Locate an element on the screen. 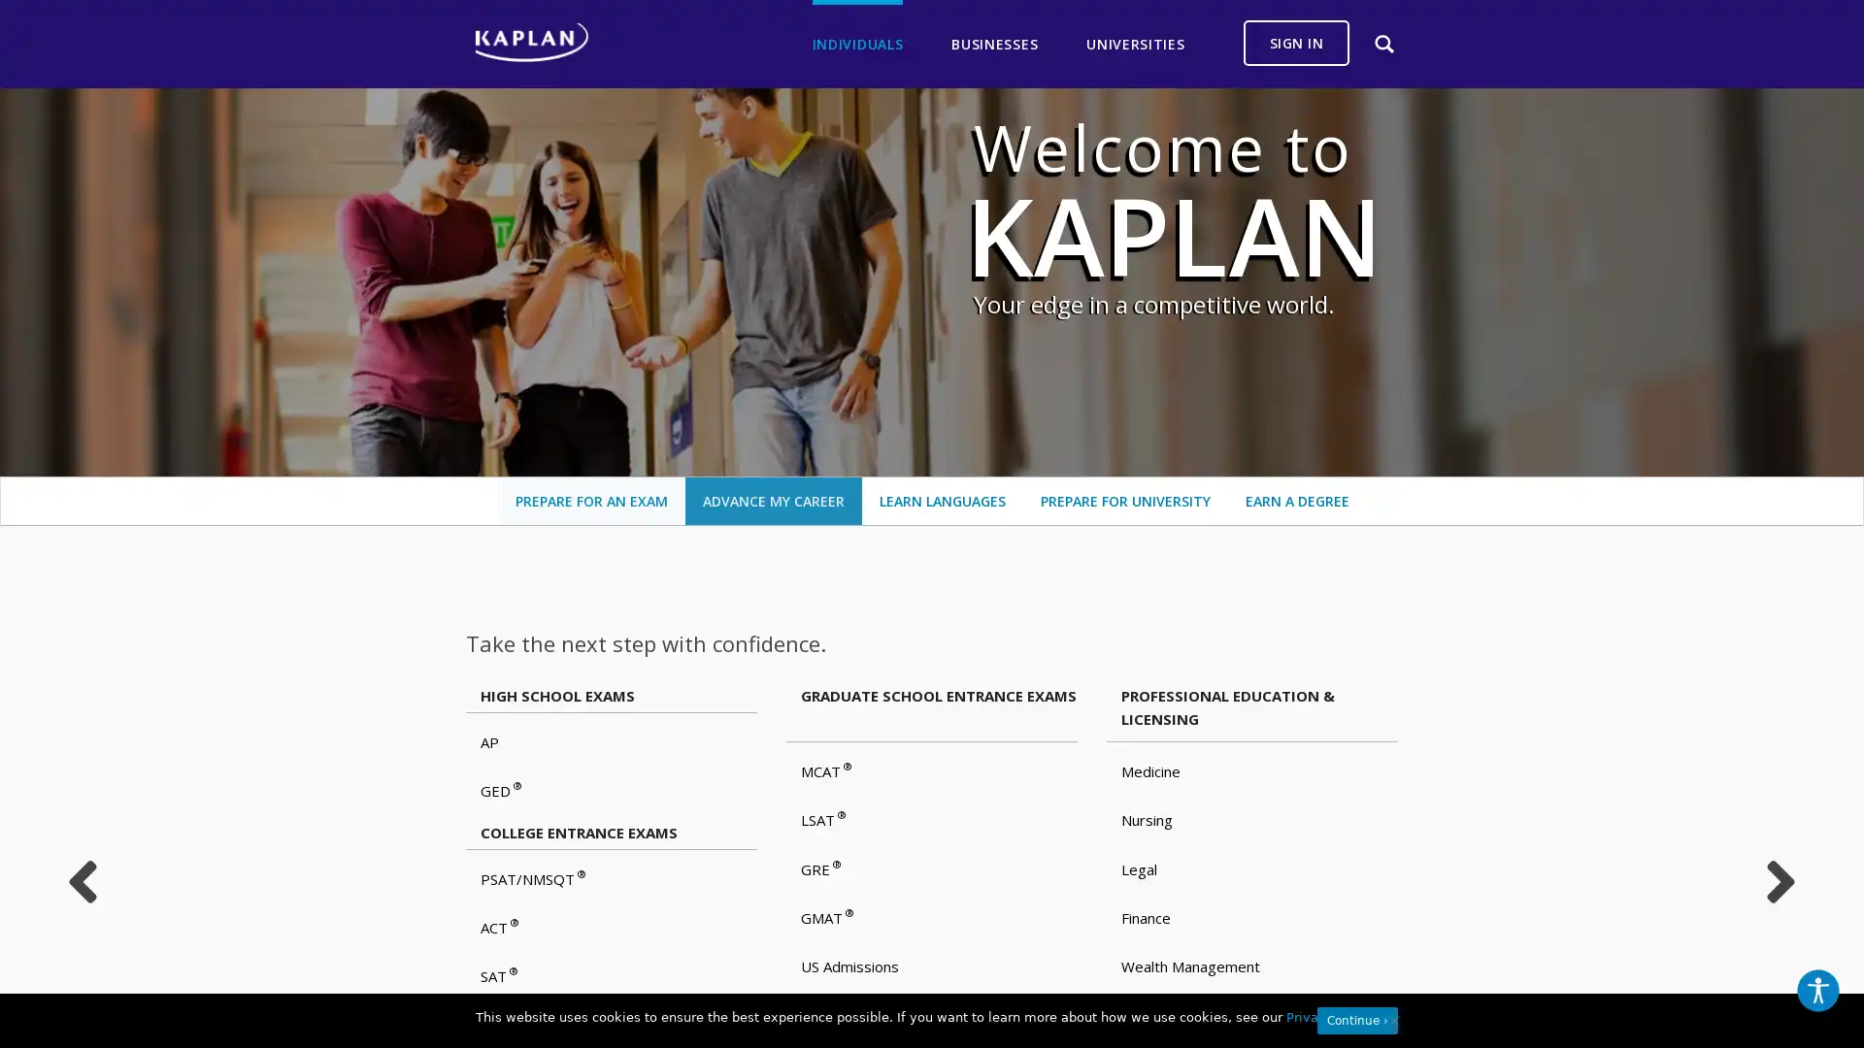 Image resolution: width=1864 pixels, height=1048 pixels. Previous is located at coordinates (81, 882).